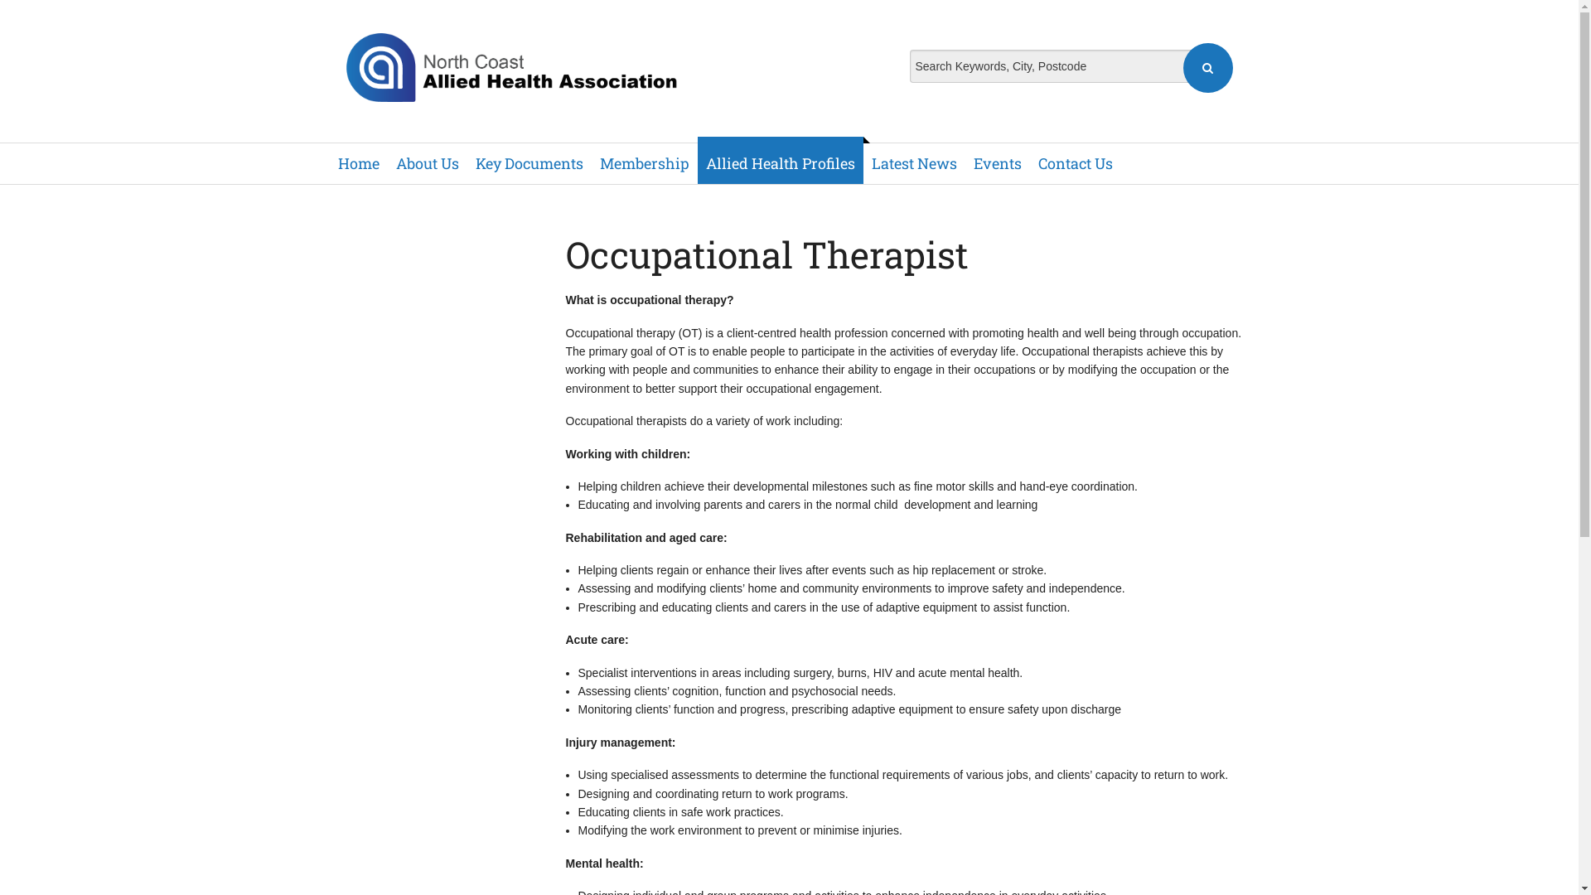  I want to click on 'Home', so click(357, 163).